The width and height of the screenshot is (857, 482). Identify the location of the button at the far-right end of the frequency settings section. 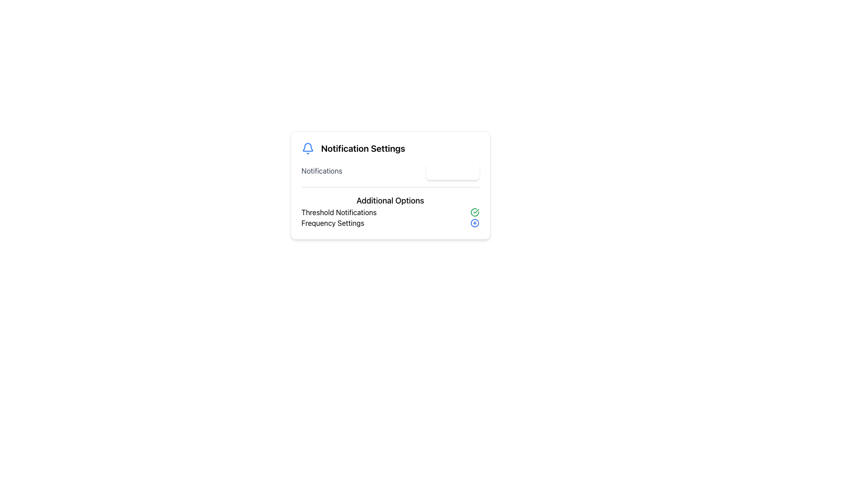
(474, 223).